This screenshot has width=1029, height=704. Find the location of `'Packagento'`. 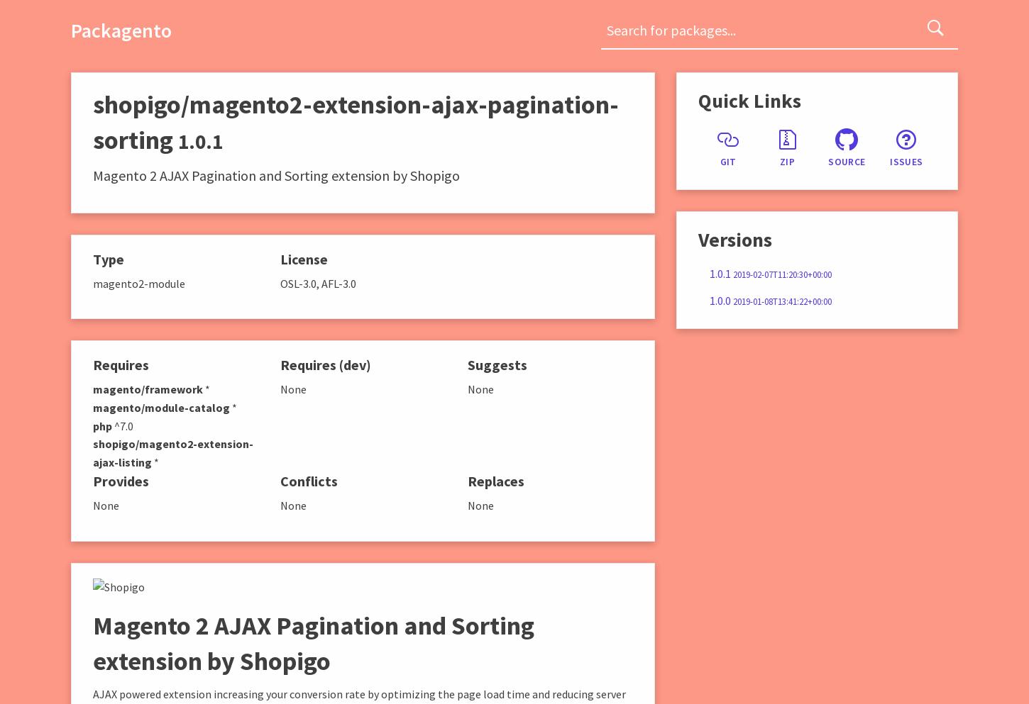

'Packagento' is located at coordinates (120, 30).